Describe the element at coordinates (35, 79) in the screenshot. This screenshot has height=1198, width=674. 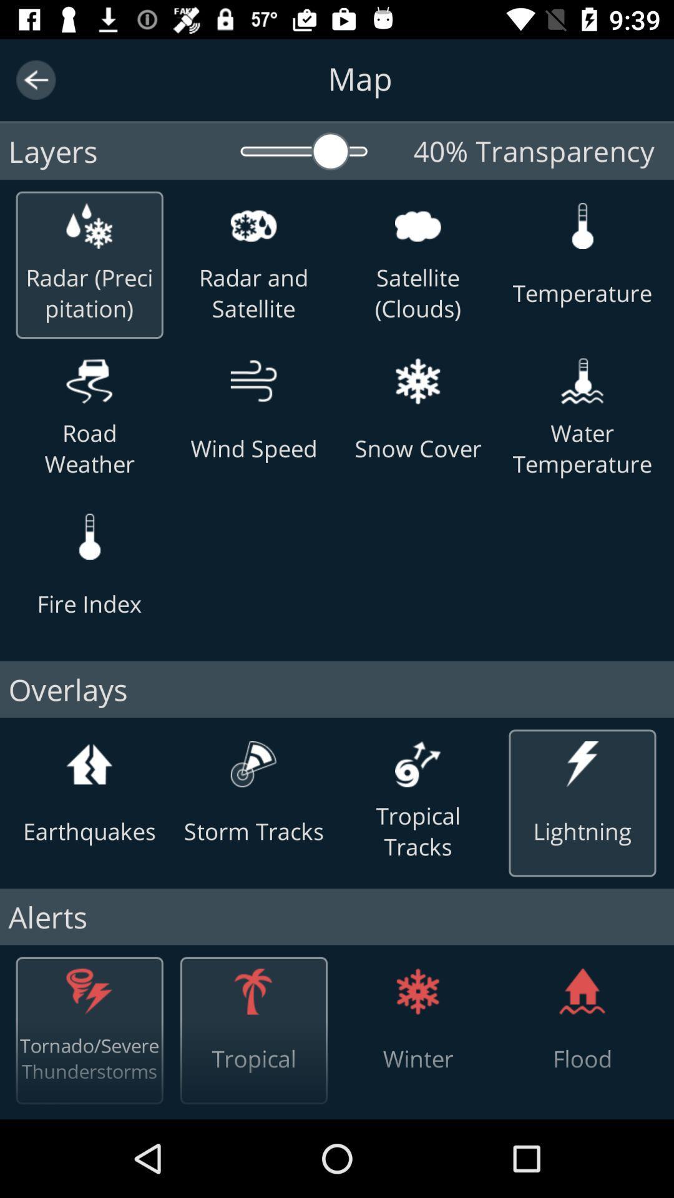
I see `the arrow_backward icon` at that location.